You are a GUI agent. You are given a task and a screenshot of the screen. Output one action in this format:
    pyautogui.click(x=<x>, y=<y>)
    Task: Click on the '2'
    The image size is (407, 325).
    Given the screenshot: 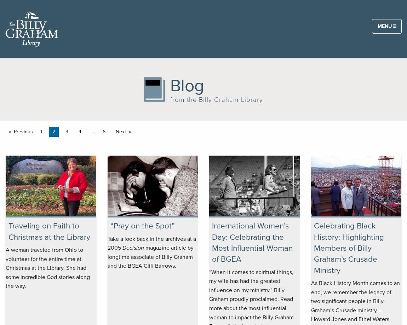 What is the action you would take?
    pyautogui.click(x=53, y=131)
    